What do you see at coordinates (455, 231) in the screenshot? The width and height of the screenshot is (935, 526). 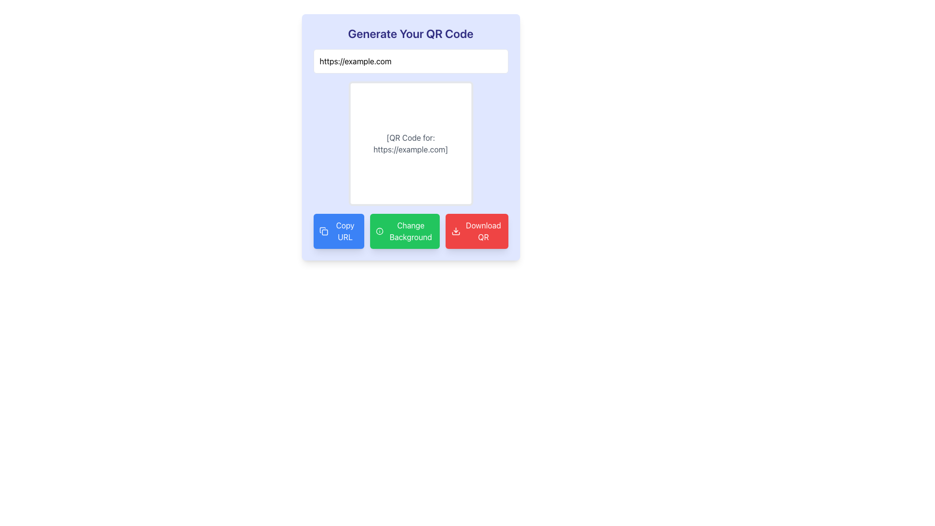 I see `the red button labeled 'Download QR' which contains the download icon on its left side to initiate the download action` at bounding box center [455, 231].